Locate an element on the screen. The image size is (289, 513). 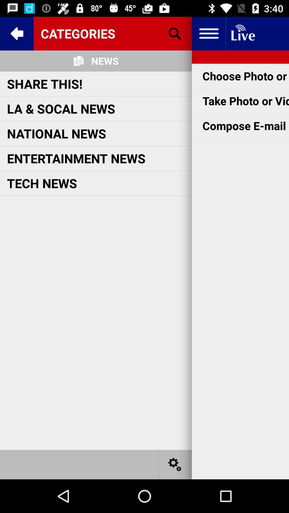
share this! item is located at coordinates (44, 83).